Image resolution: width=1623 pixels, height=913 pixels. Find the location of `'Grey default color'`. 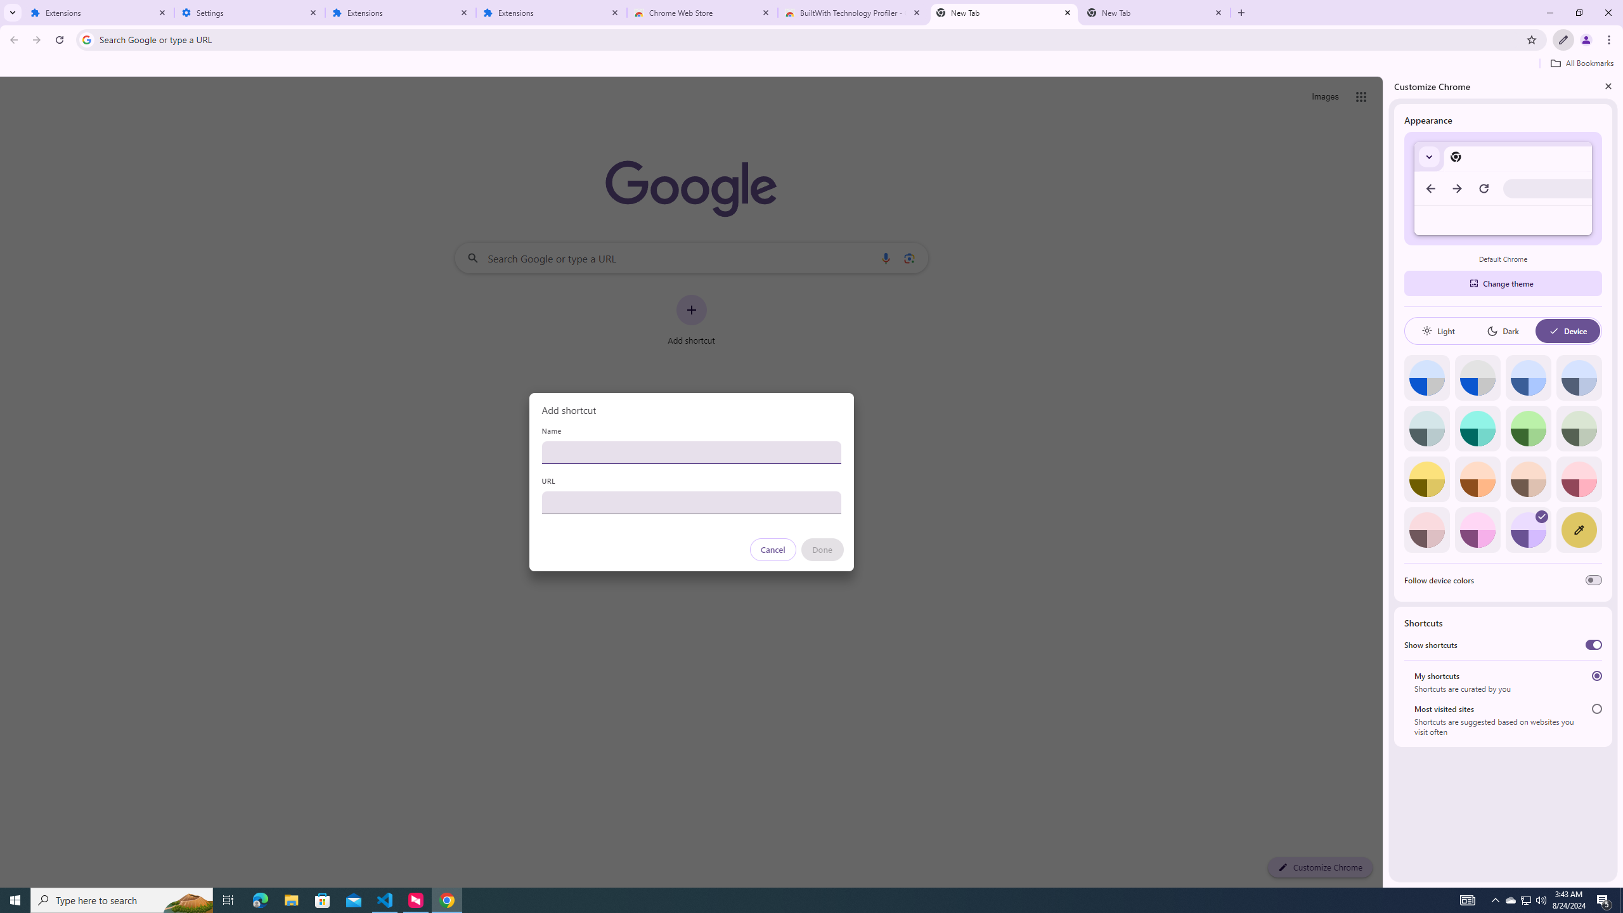

'Grey default color' is located at coordinates (1477, 377).